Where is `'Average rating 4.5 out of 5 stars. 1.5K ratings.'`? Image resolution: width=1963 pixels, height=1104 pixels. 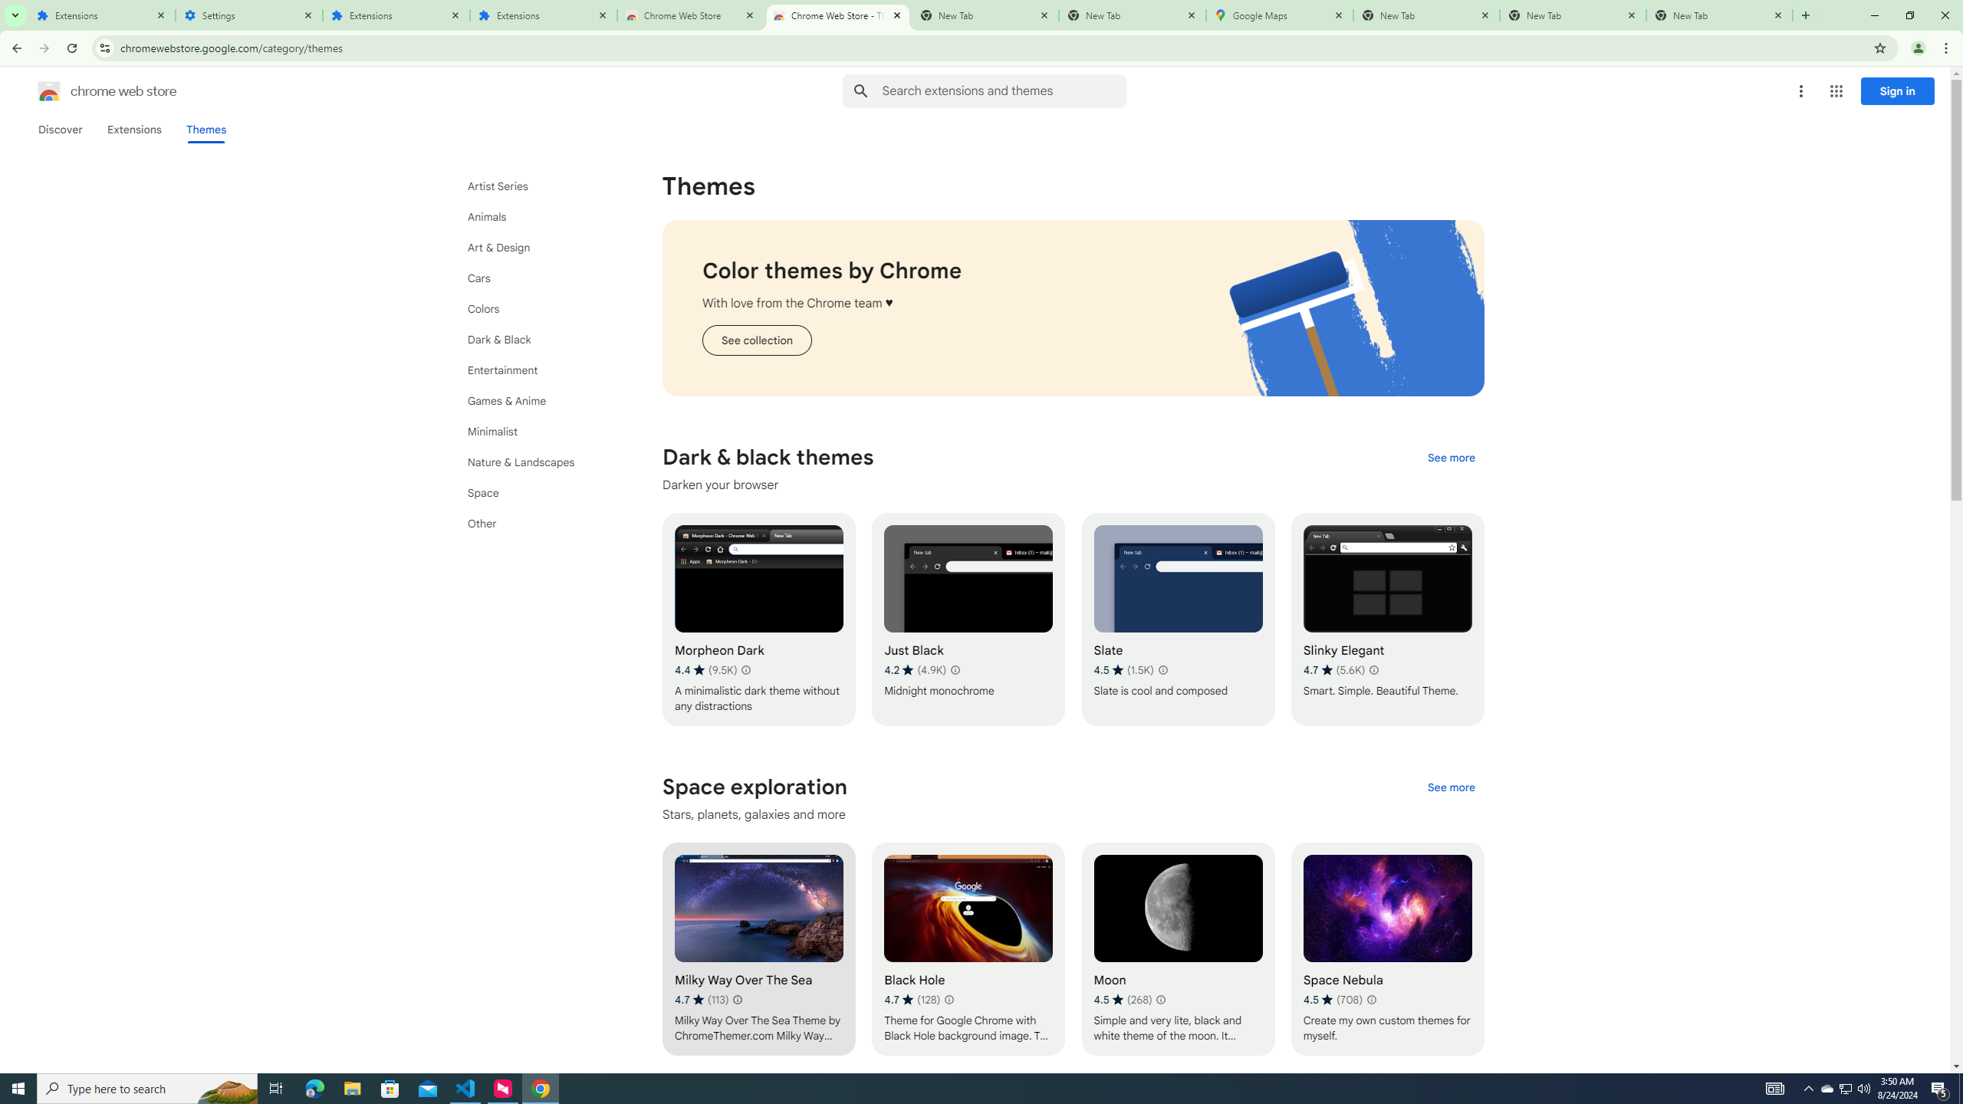 'Average rating 4.5 out of 5 stars. 1.5K ratings.' is located at coordinates (1123, 669).